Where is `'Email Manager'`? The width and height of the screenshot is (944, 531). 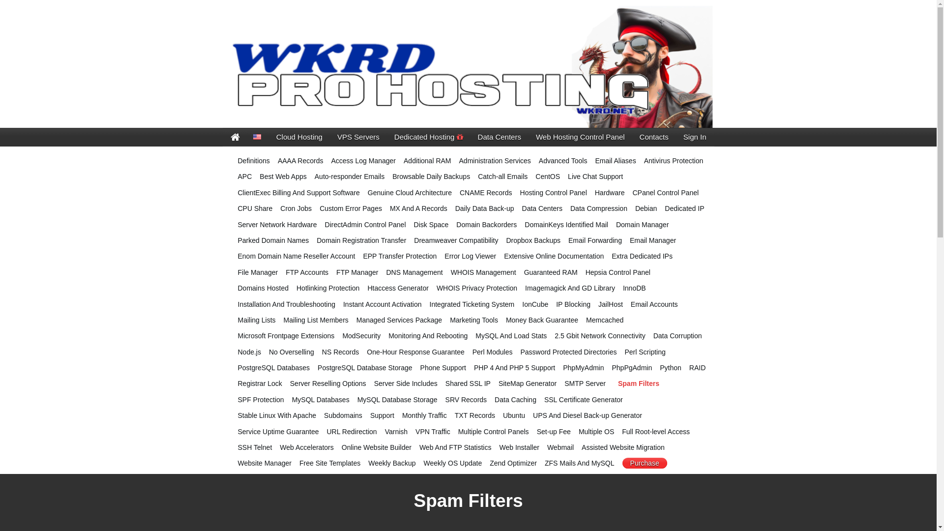
'Email Manager' is located at coordinates (653, 240).